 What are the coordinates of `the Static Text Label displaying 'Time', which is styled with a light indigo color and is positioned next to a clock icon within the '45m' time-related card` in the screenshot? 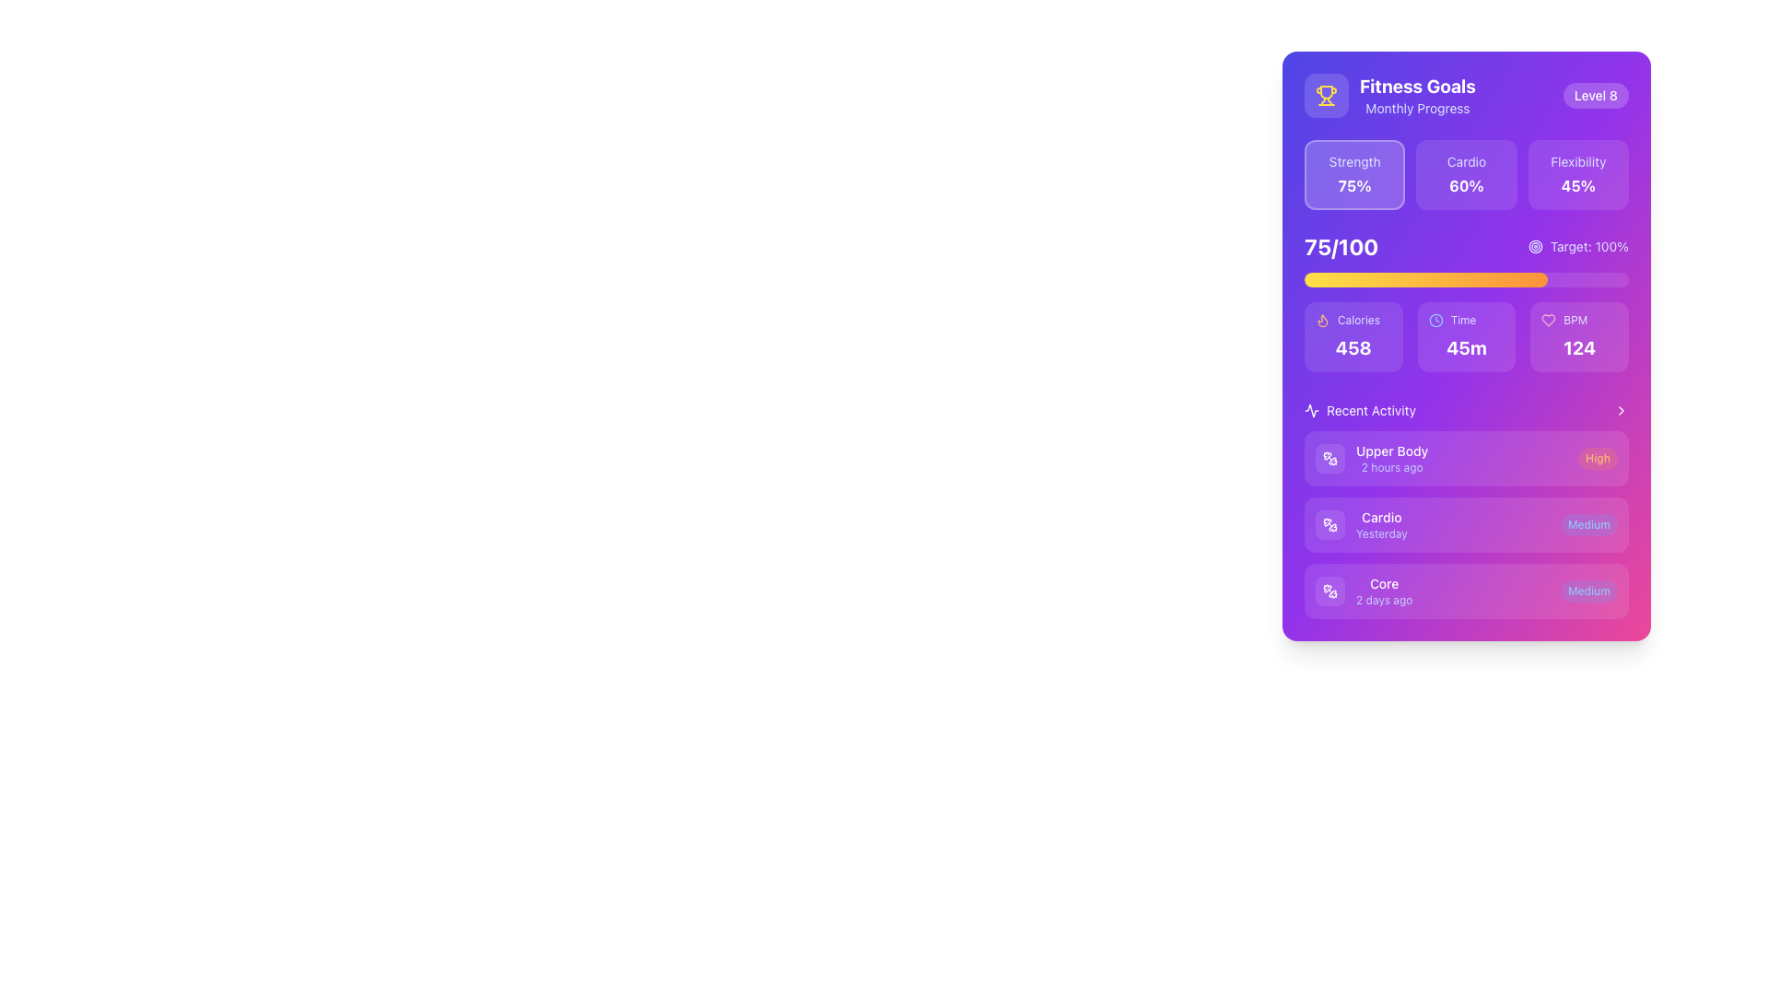 It's located at (1462, 319).